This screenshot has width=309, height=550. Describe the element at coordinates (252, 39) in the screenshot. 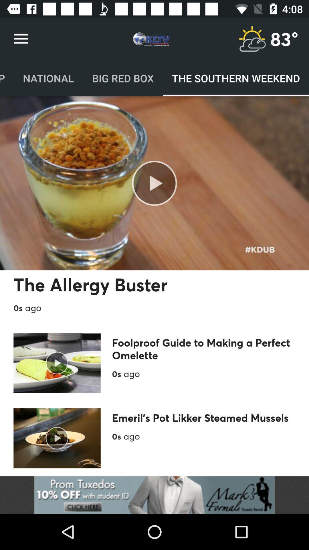

I see `weather` at that location.